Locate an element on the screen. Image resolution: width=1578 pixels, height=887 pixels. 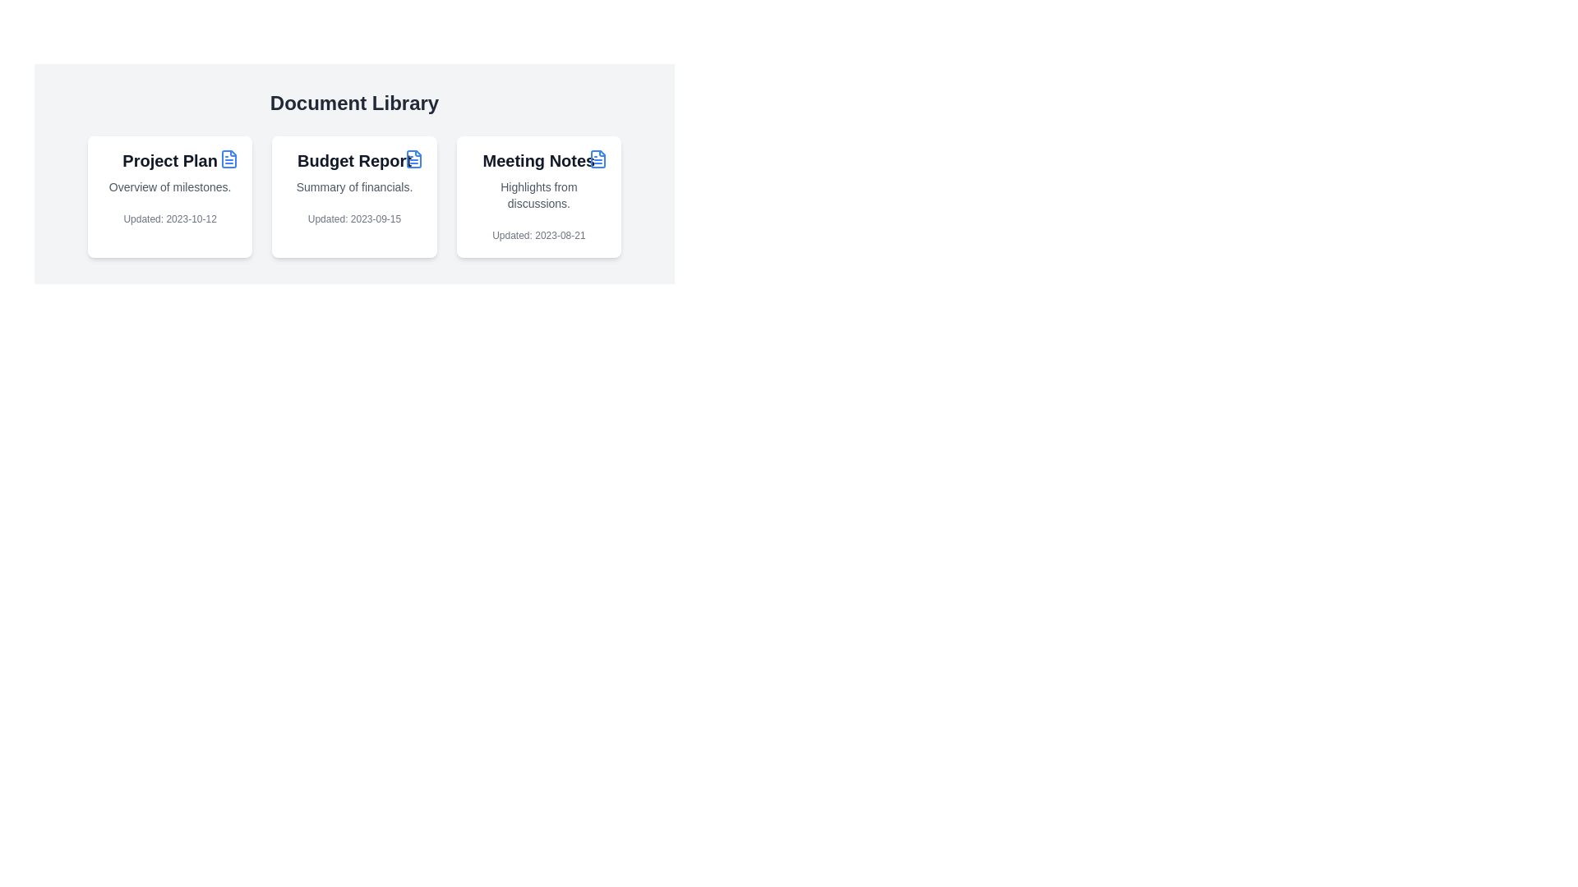
the 'Budget Report' label, which is a large, bold title text in black color, located in the second card of the horizontal list under 'Document Library' is located at coordinates (353, 161).